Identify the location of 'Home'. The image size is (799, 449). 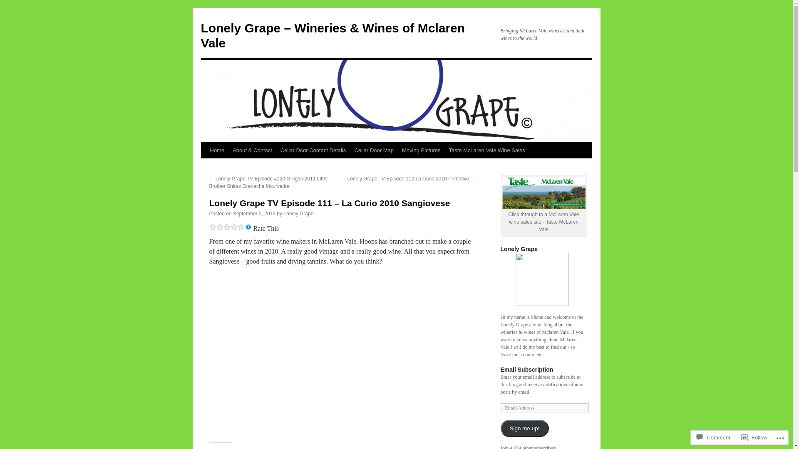
(217, 150).